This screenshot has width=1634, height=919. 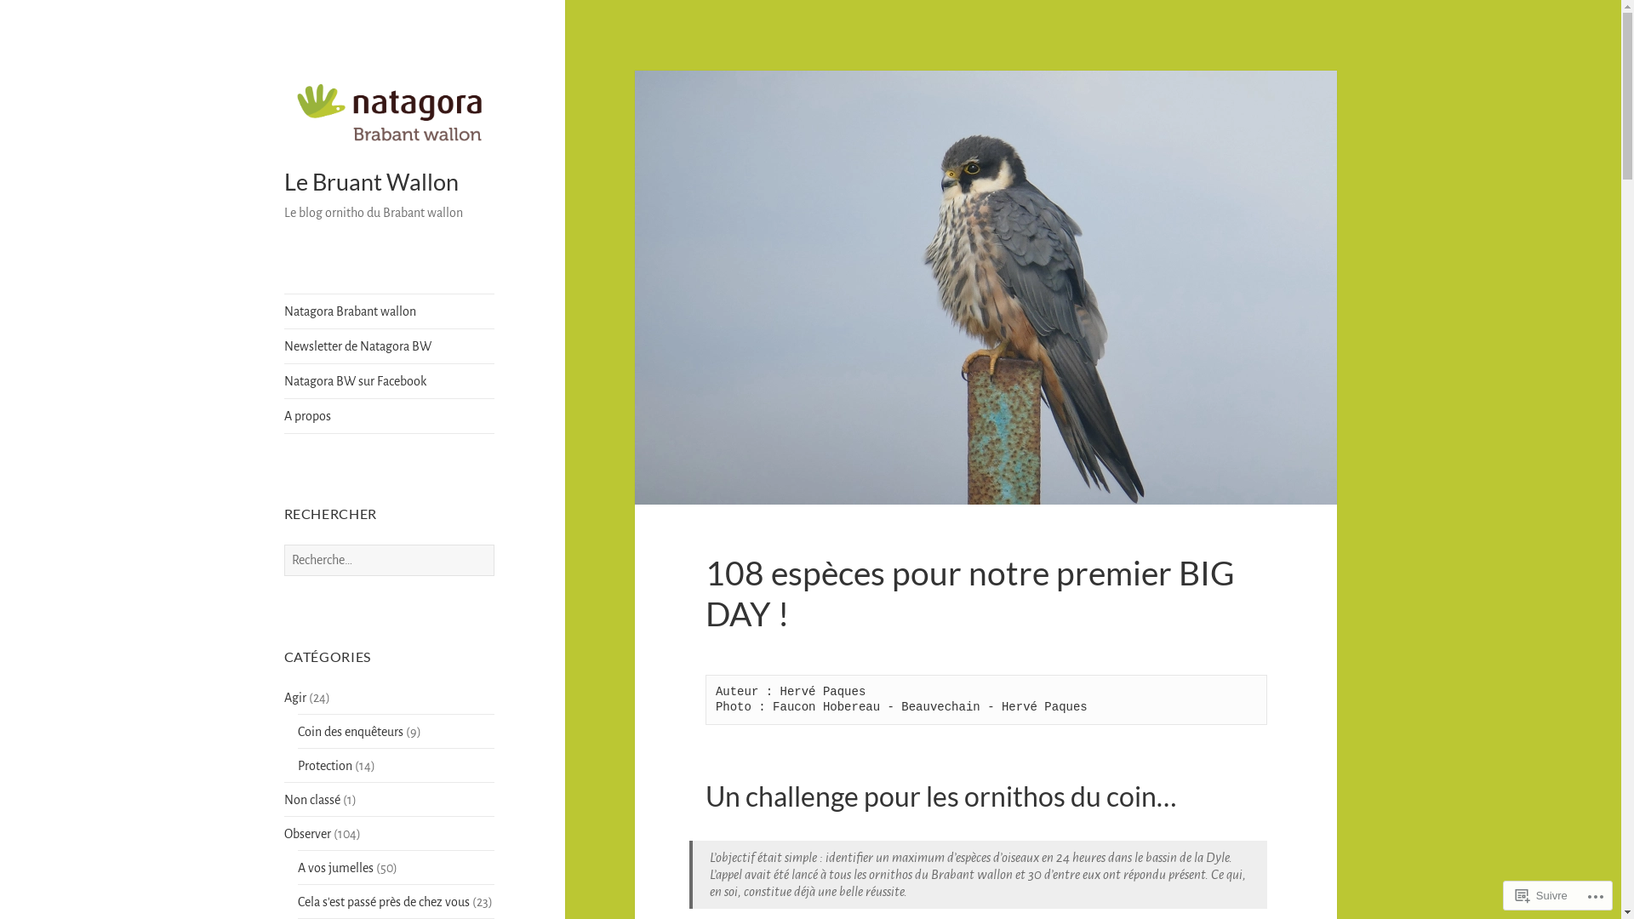 What do you see at coordinates (370, 181) in the screenshot?
I see `'Le Bruant Wallon'` at bounding box center [370, 181].